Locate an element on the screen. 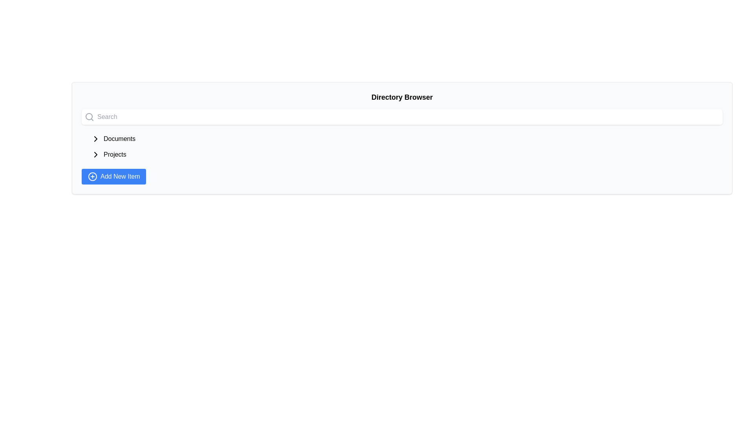 Image resolution: width=754 pixels, height=424 pixels. the 'Add New Item' icon, which is positioned to the left of the text within the button located below the directory items list, under 'Documents' and 'Projects' is located at coordinates (92, 177).